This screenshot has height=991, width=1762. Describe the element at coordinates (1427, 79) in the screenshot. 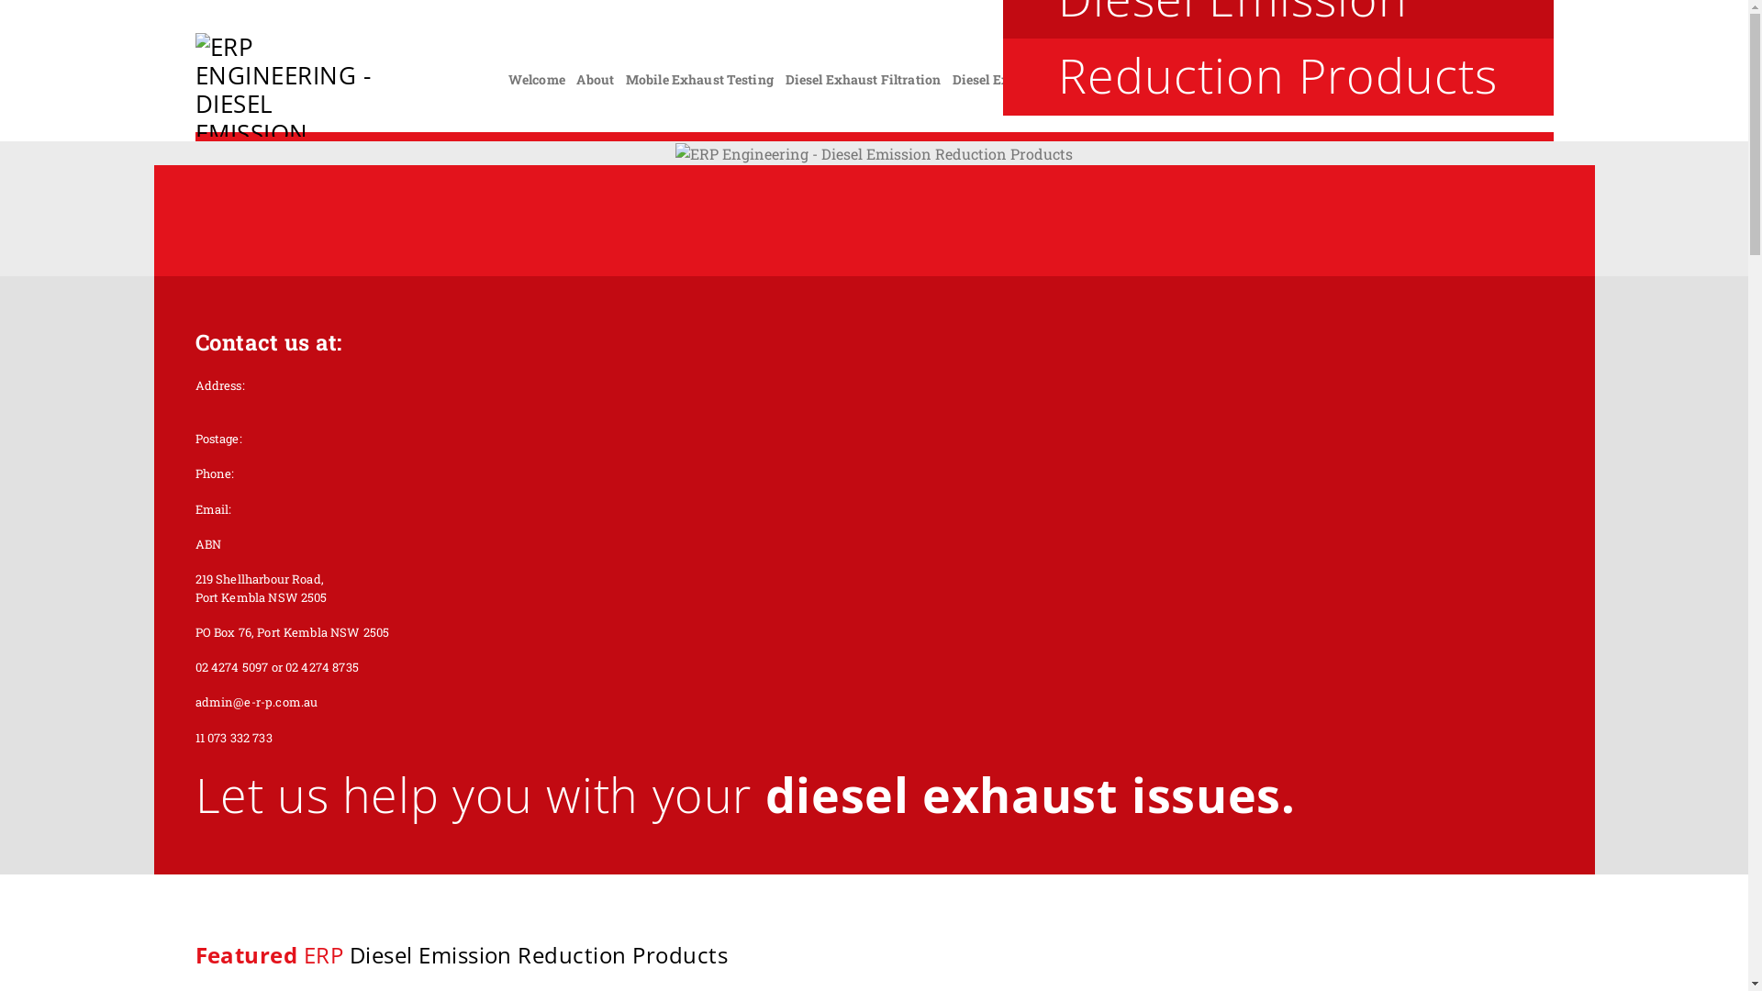

I see `'Useful Links'` at that location.